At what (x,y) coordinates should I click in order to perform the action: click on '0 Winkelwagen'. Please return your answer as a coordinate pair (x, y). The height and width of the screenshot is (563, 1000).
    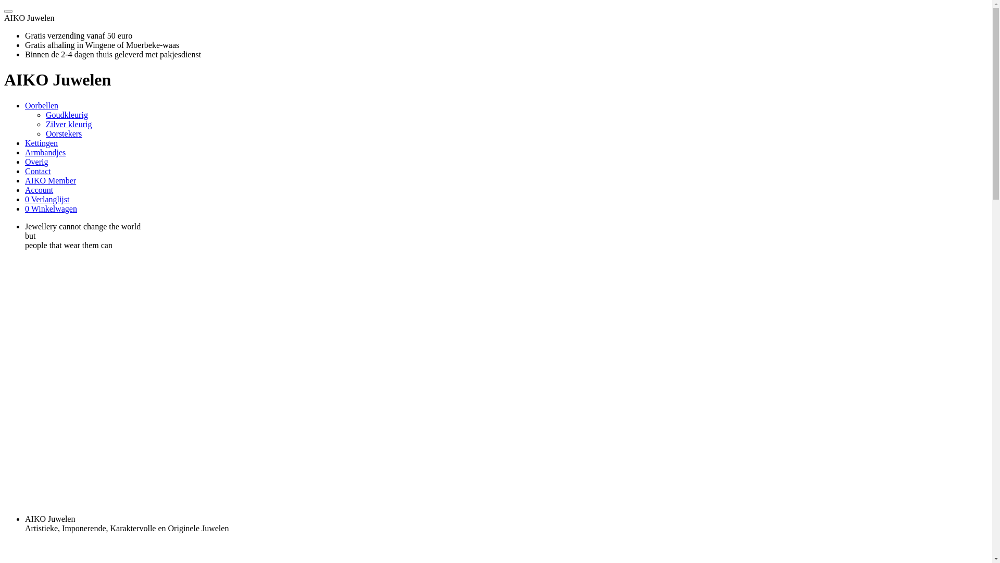
    Looking at the image, I should click on (50, 209).